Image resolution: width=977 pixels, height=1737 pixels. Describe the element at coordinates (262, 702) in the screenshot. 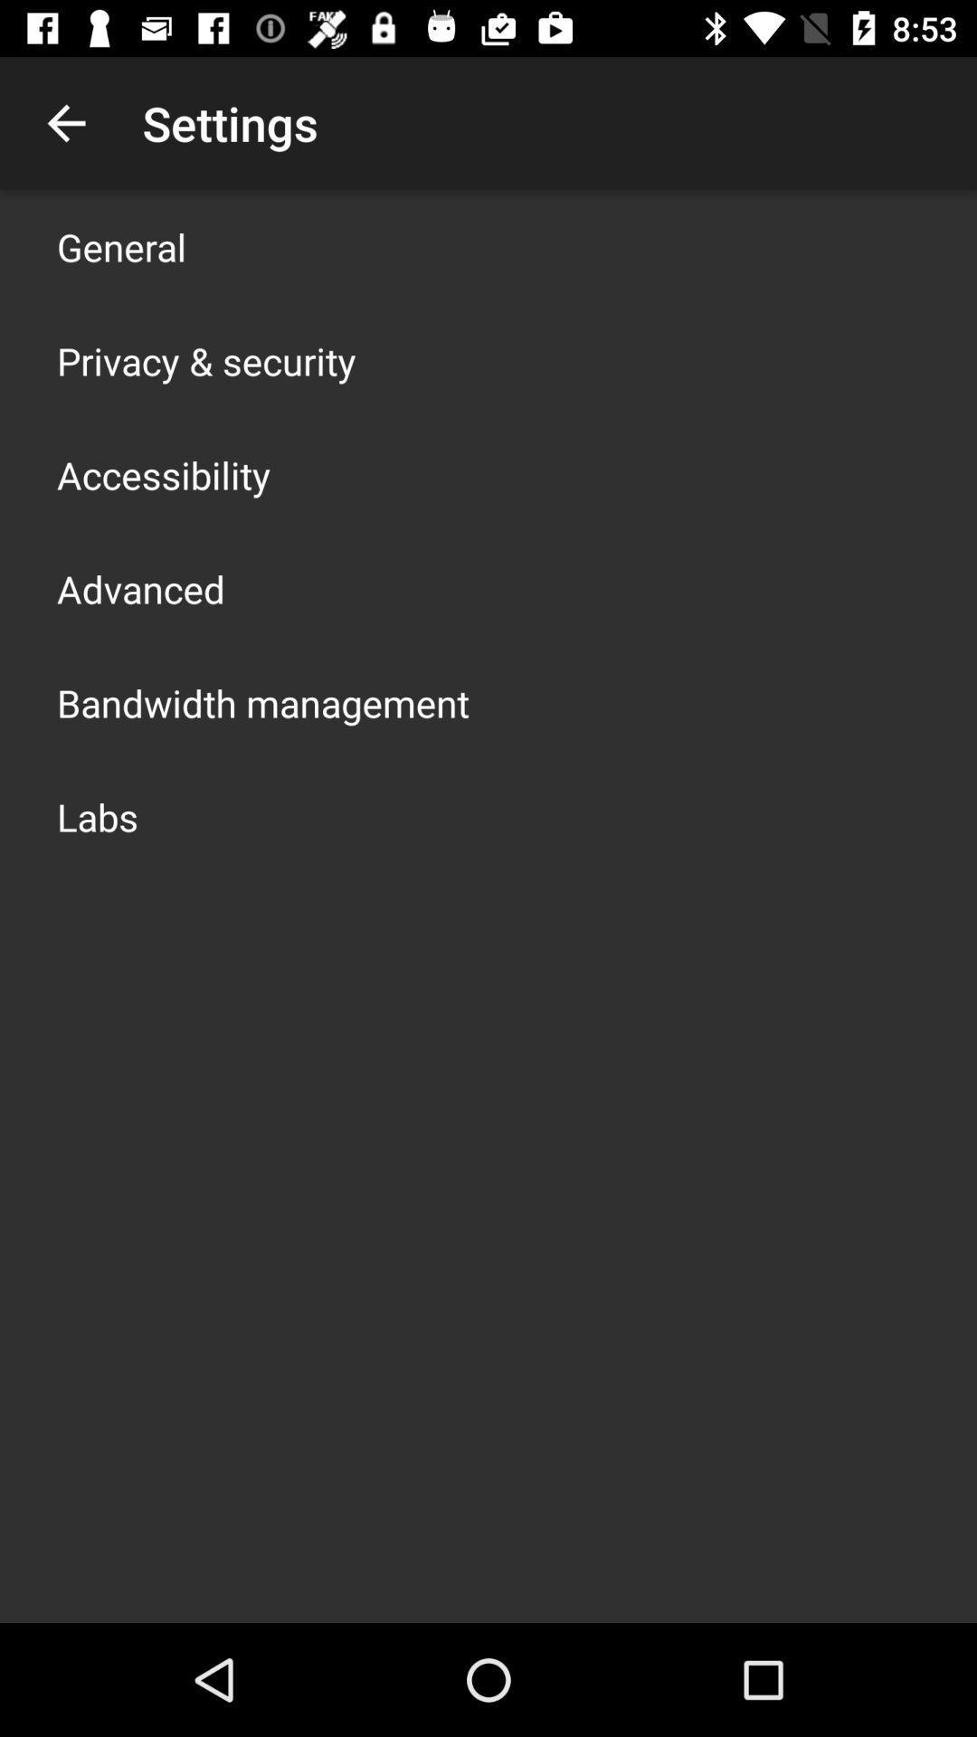

I see `bandwidth management icon` at that location.